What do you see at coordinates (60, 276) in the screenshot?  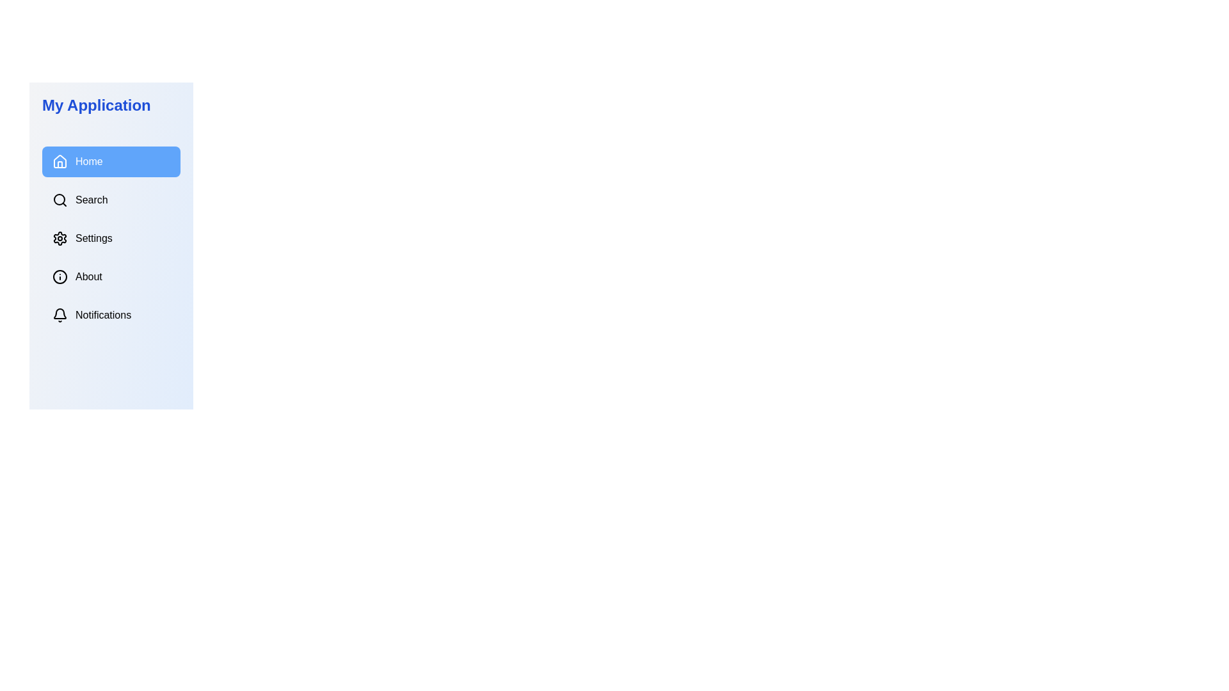 I see `the circular icon with a hollow center and vertical line inside, located in the 'About' section of the left sidebar` at bounding box center [60, 276].